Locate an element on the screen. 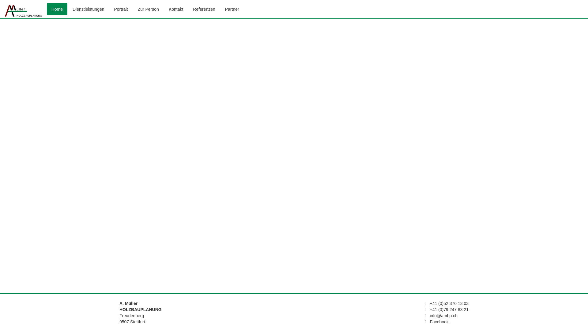 The image size is (588, 331). 'Dienstleistungen' is located at coordinates (68, 9).